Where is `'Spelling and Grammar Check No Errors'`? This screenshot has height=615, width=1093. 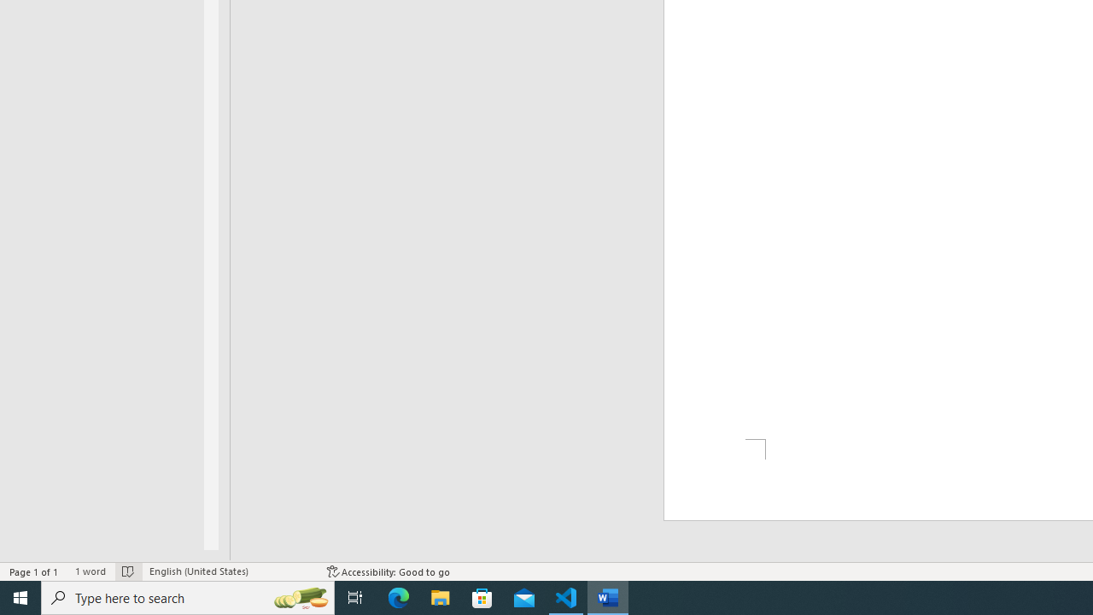
'Spelling and Grammar Check No Errors' is located at coordinates (127, 571).